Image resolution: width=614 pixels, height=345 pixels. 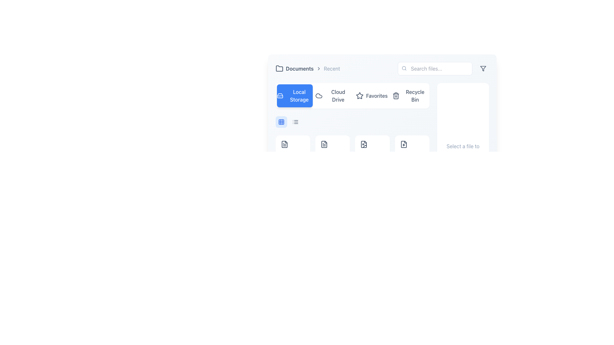 I want to click on the 'Local Storage' text element, which is styled with a medium font weight on a blue button-like background, located in the top-left section of the interface, so click(x=299, y=96).